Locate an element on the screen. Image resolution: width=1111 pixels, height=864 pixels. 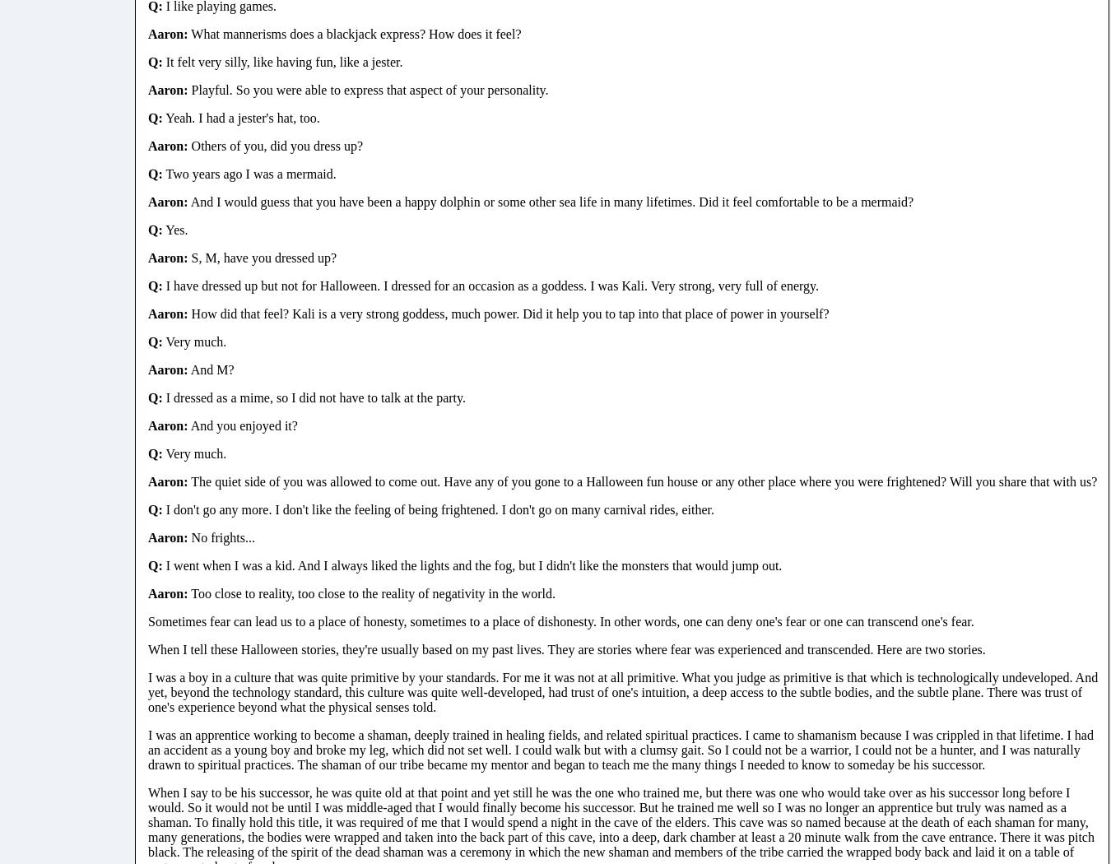
'How did that feel? Kali is a very strong goddess, much power. Did it help you to tap into that place of power in yourself?' is located at coordinates (508, 313).